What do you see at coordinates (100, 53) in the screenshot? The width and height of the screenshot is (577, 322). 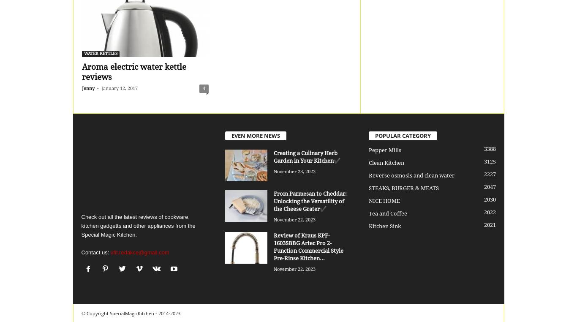 I see `'WATER KETTLES'` at bounding box center [100, 53].